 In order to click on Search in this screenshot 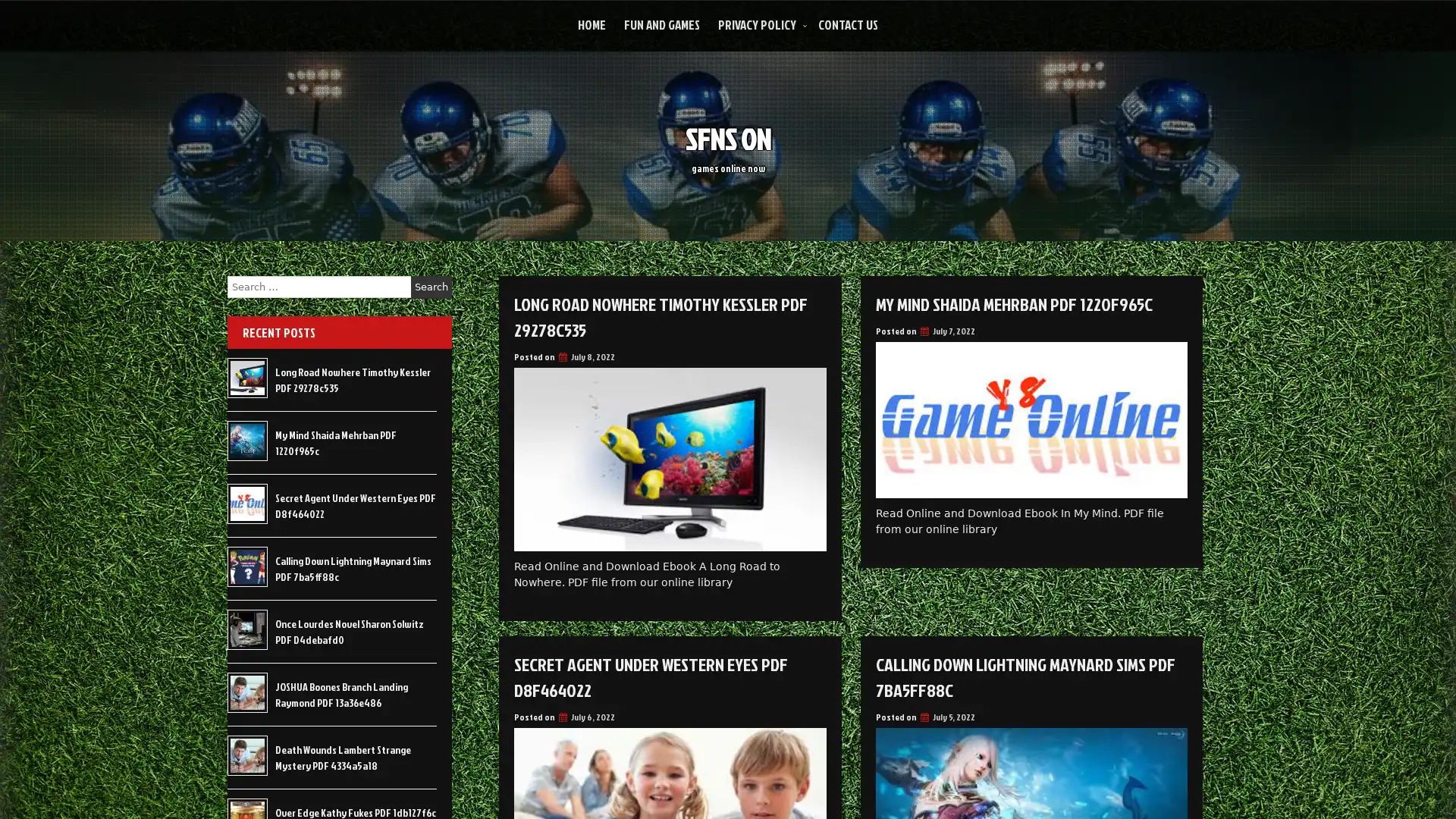, I will do `click(431, 287)`.